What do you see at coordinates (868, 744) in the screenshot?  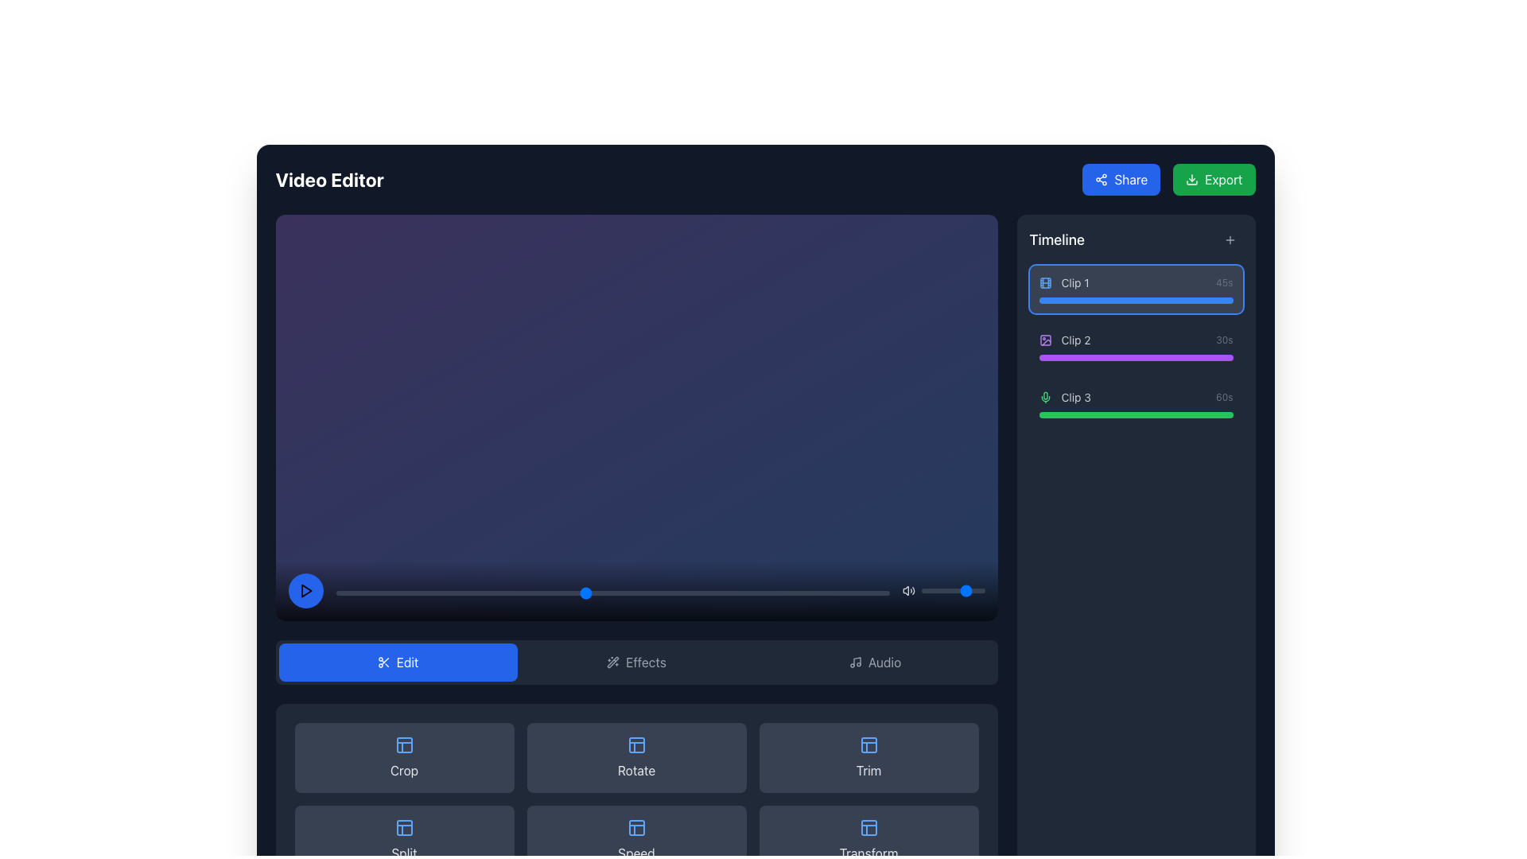 I see `the icon inside the 'Trim' button` at bounding box center [868, 744].